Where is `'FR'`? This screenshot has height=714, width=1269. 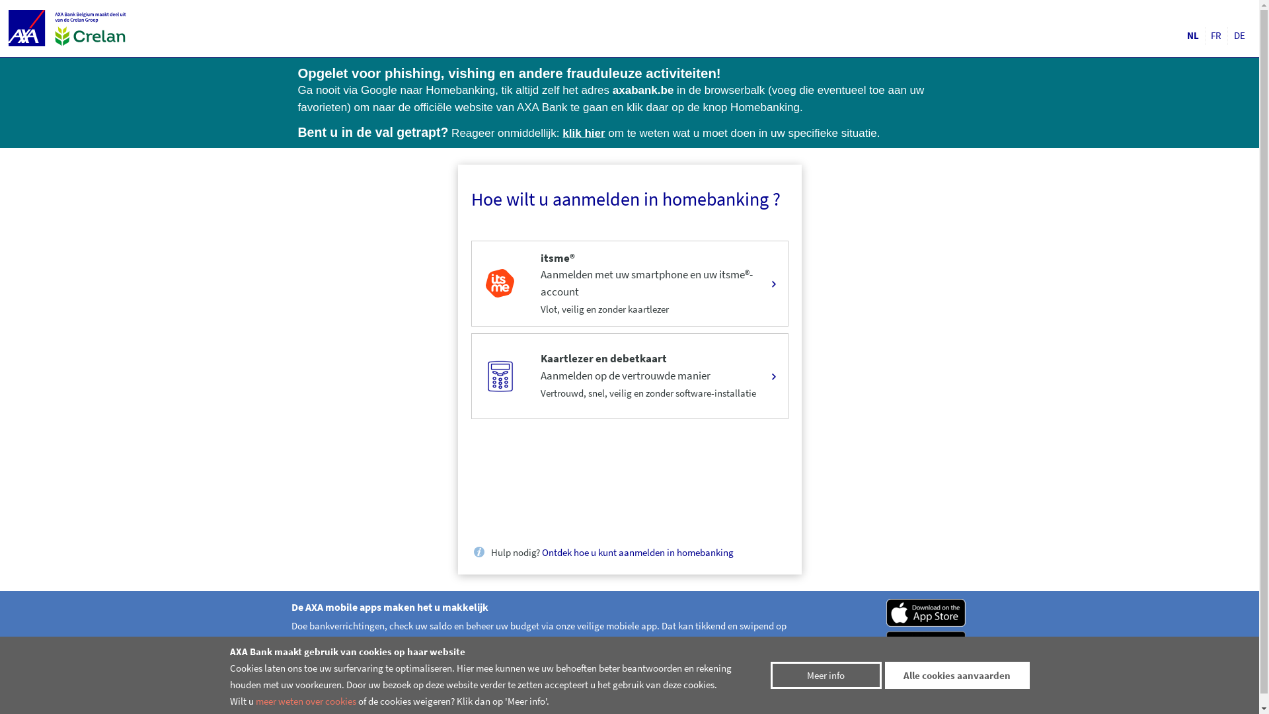
'FR' is located at coordinates (1216, 35).